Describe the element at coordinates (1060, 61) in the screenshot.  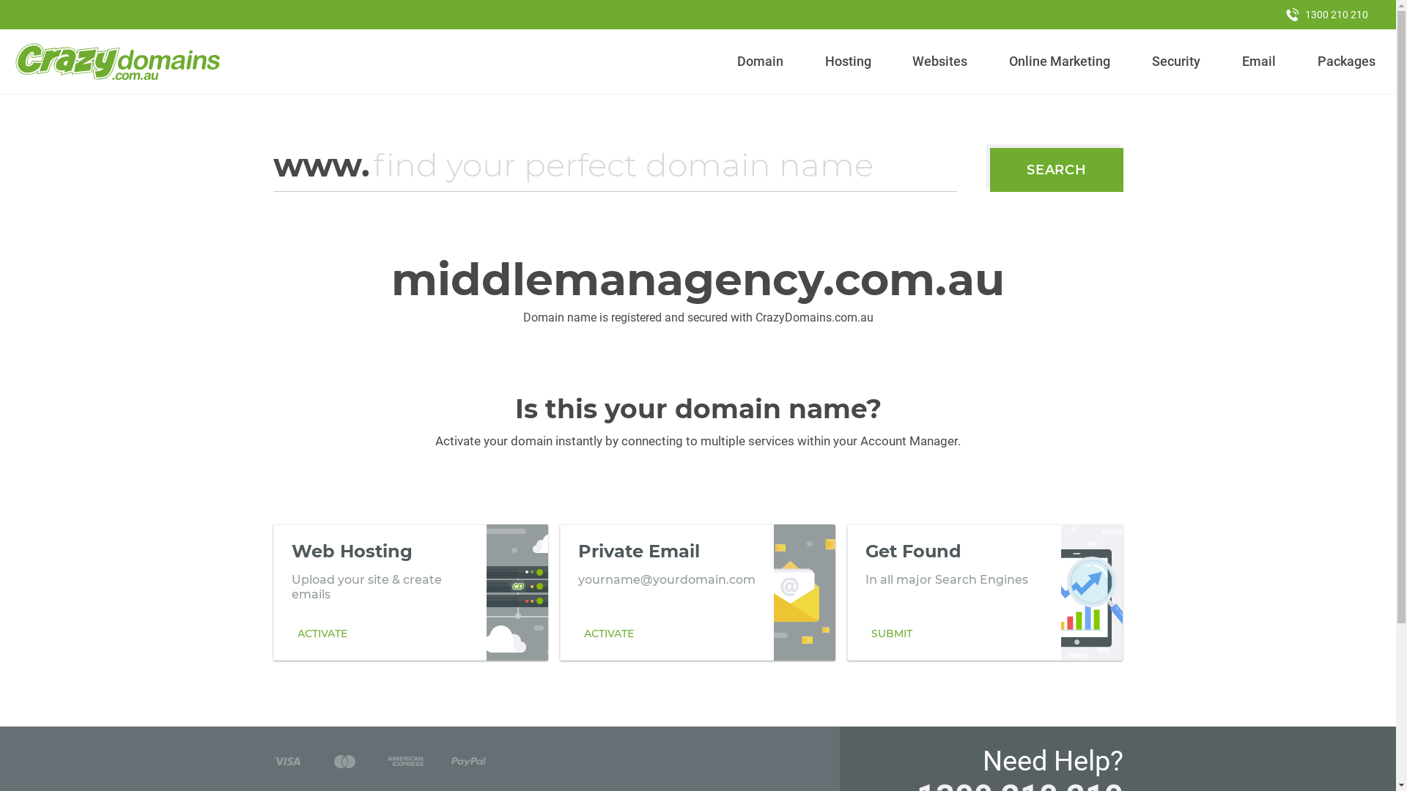
I see `'Online Marketing'` at that location.